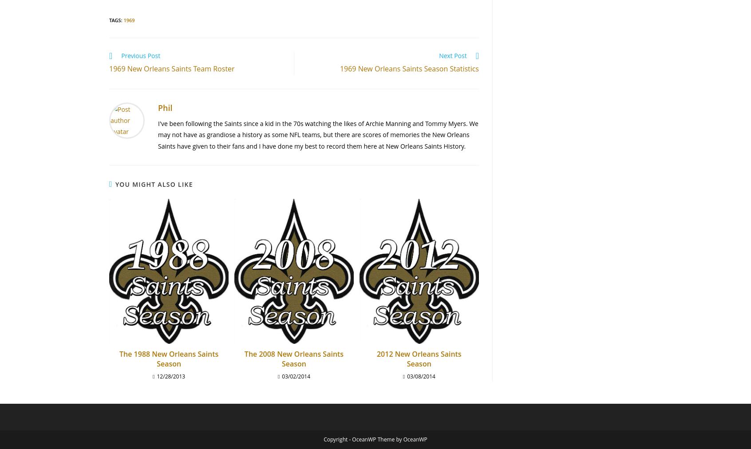 This screenshot has width=751, height=449. I want to click on 'Tags:', so click(116, 19).